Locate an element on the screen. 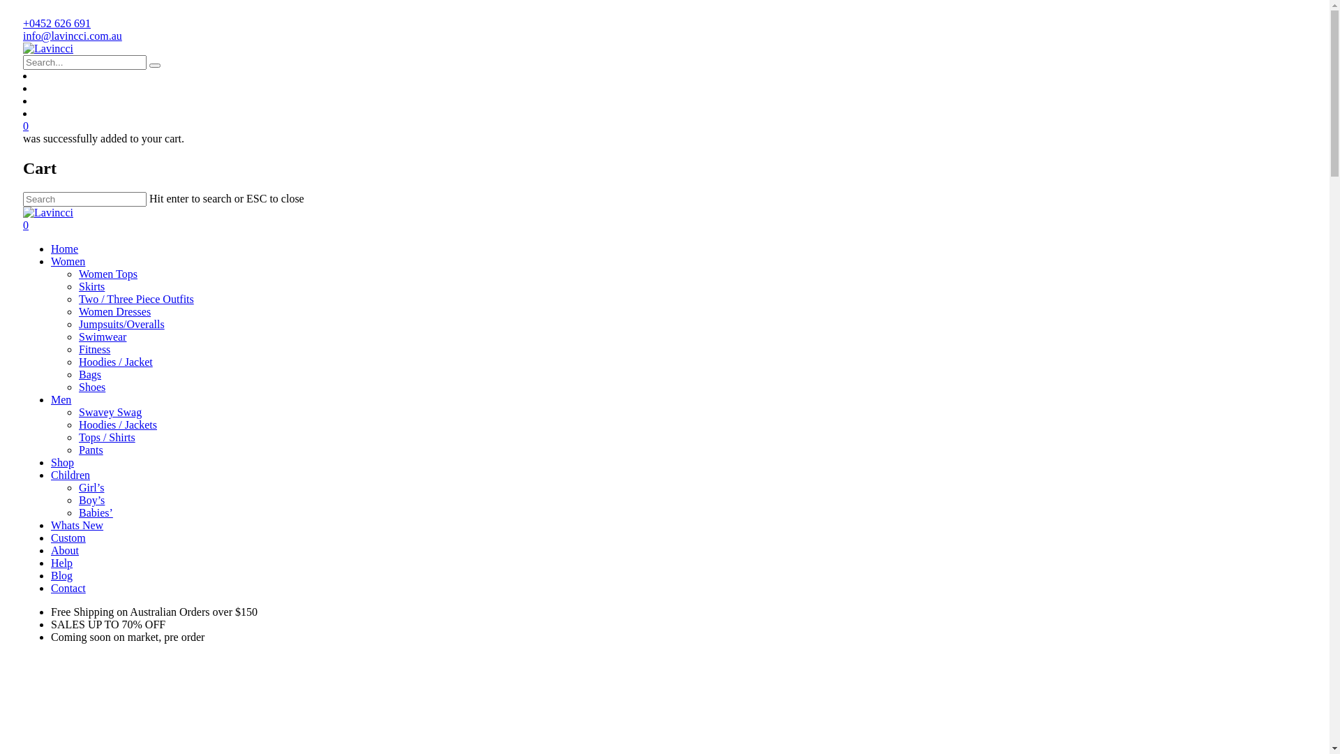  'Swimwear' is located at coordinates (102, 337).